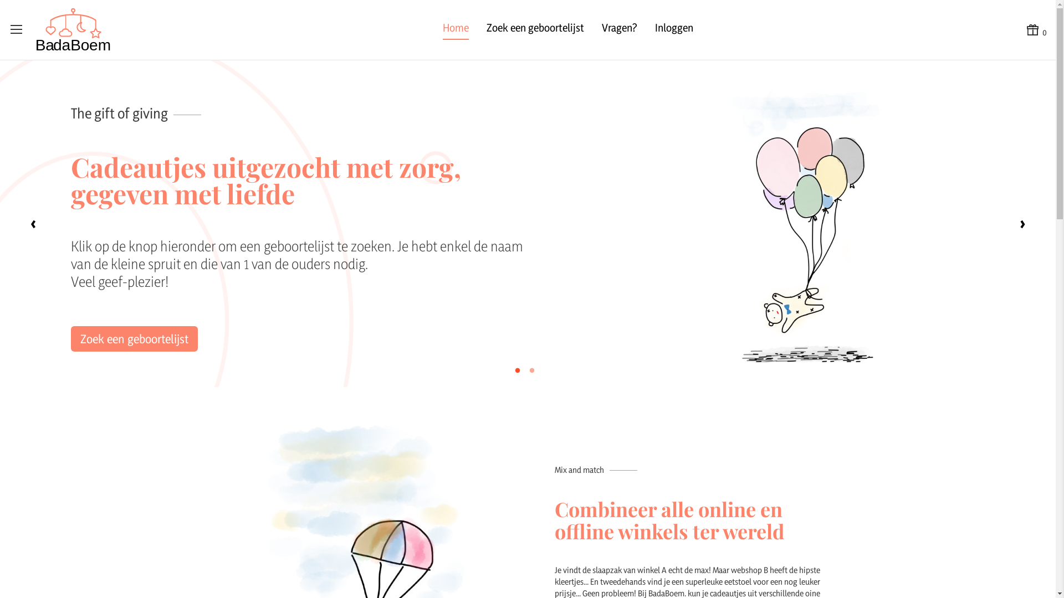 The width and height of the screenshot is (1064, 598). I want to click on '0', so click(1035, 29).